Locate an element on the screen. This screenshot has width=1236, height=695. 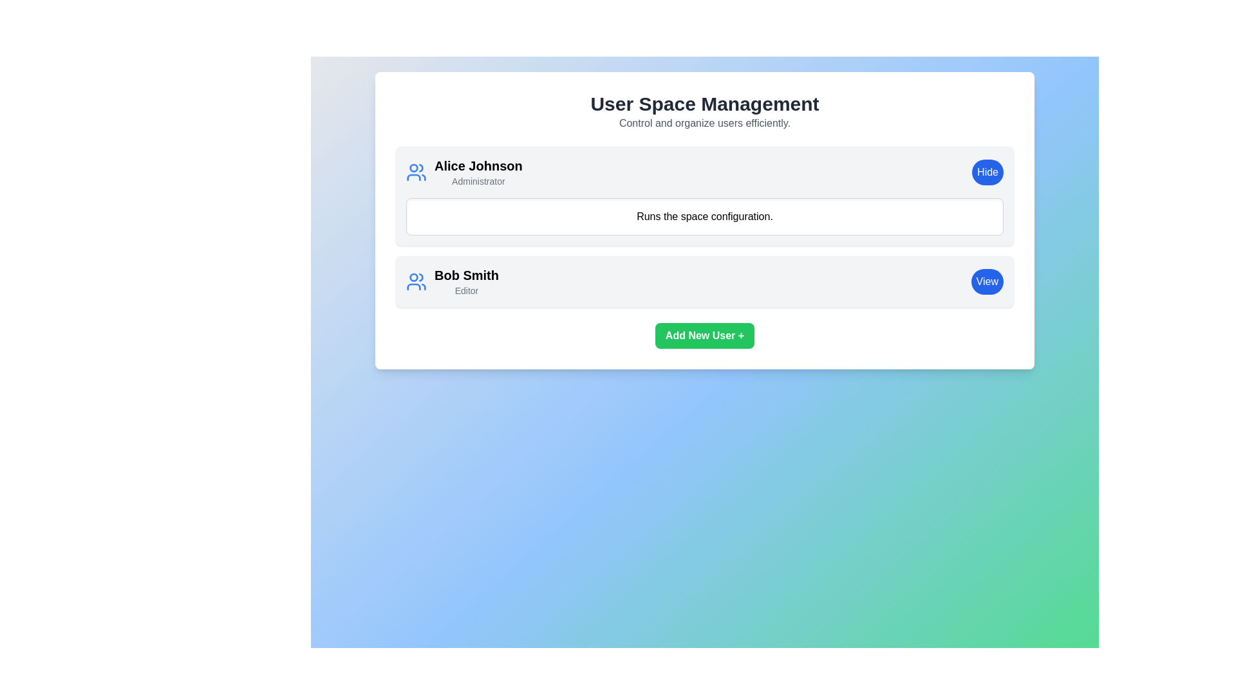
the blue button labeled 'View' located in the bottom-right corner of the 'Bob Smith' section, next to the text 'Editor' is located at coordinates (986, 281).